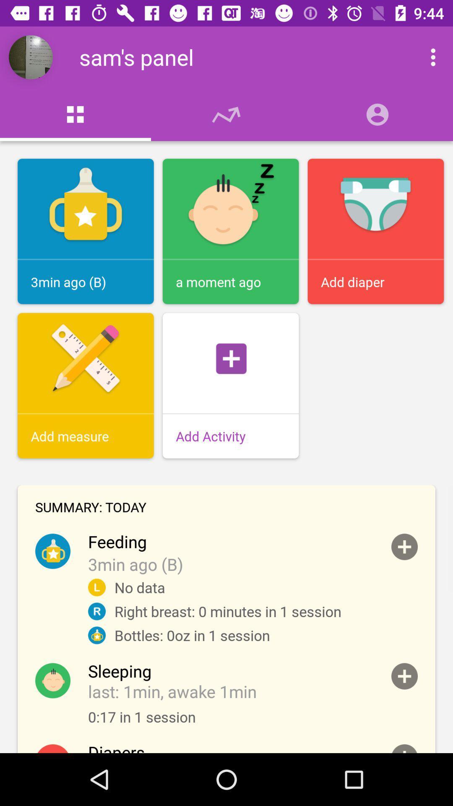 This screenshot has width=453, height=806. Describe the element at coordinates (404, 547) in the screenshot. I see `more details` at that location.